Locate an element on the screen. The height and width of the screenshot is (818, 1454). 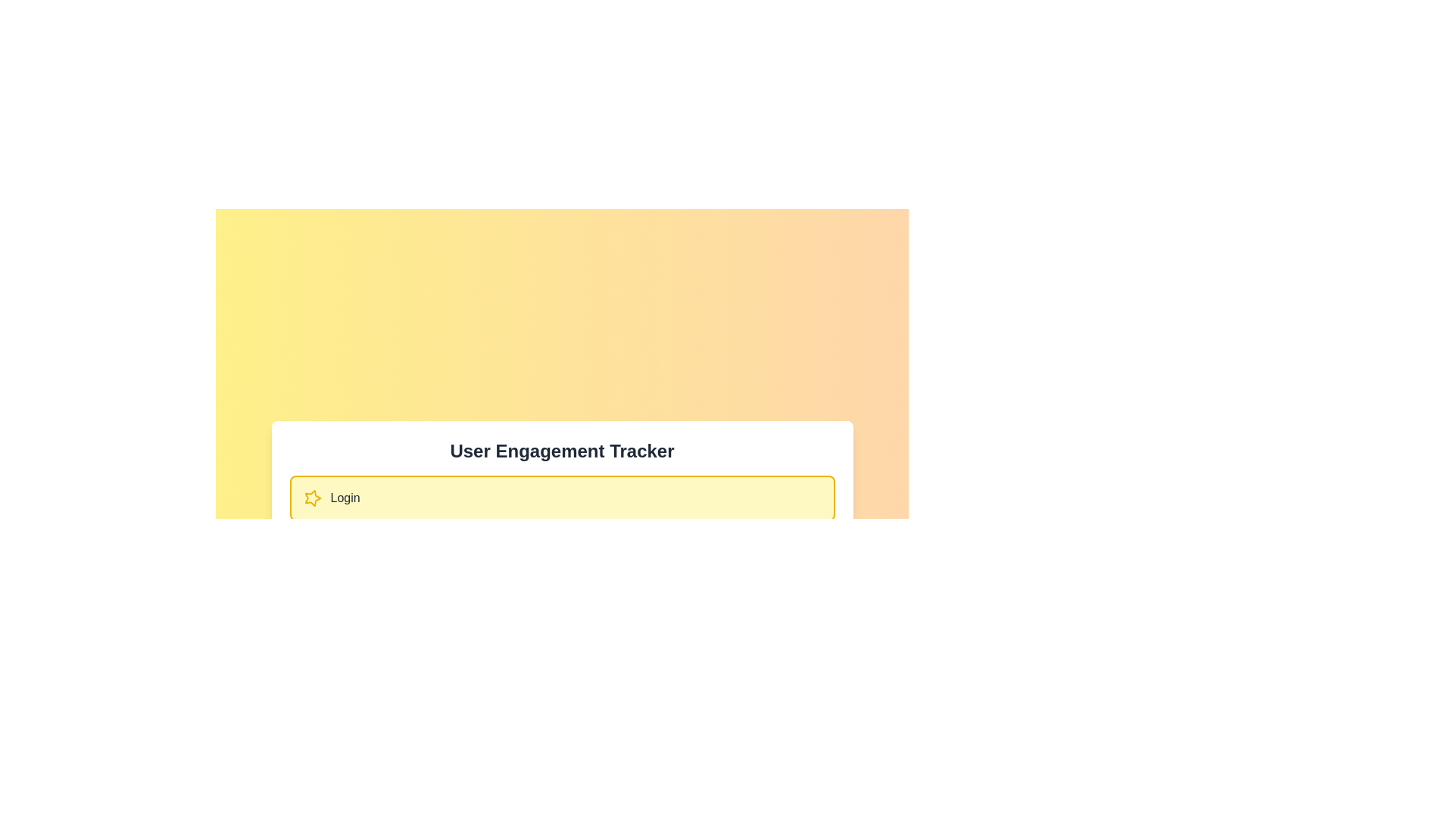
the decorative icon located at the top-left of the 'Login' button within the 'User Engagement Tracker' card is located at coordinates (311, 498).